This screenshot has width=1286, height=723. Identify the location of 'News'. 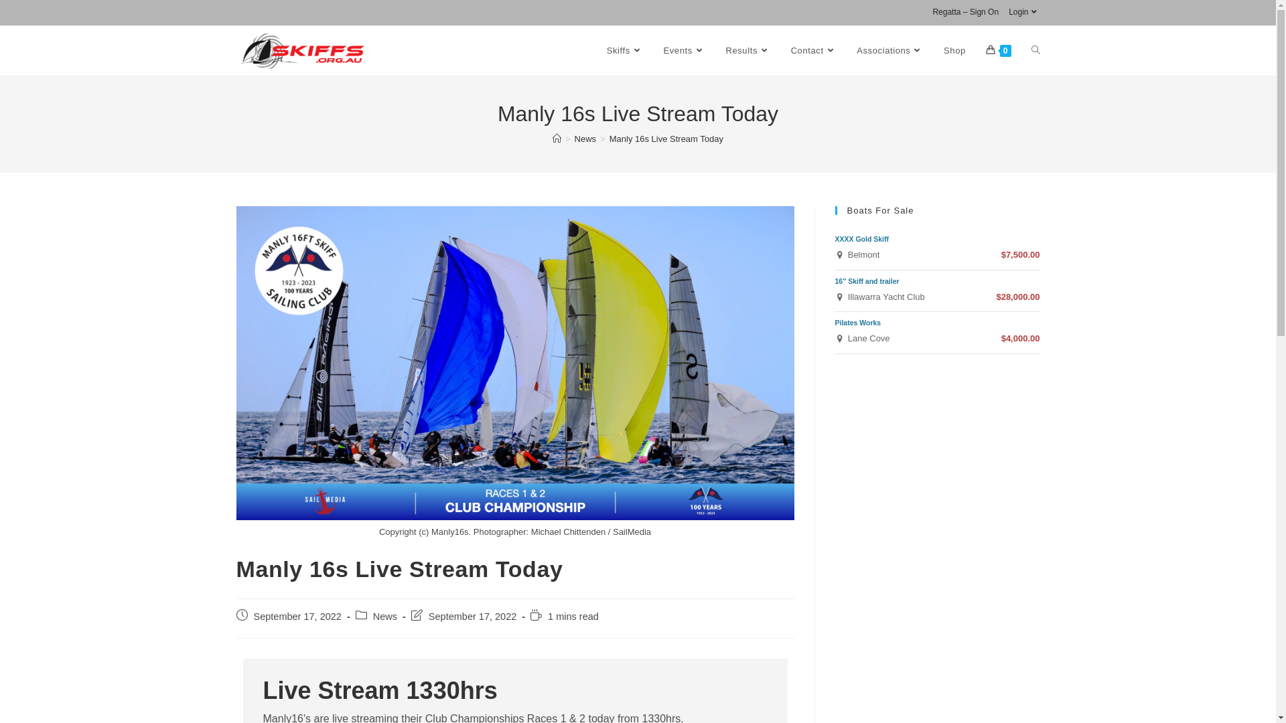
(585, 139).